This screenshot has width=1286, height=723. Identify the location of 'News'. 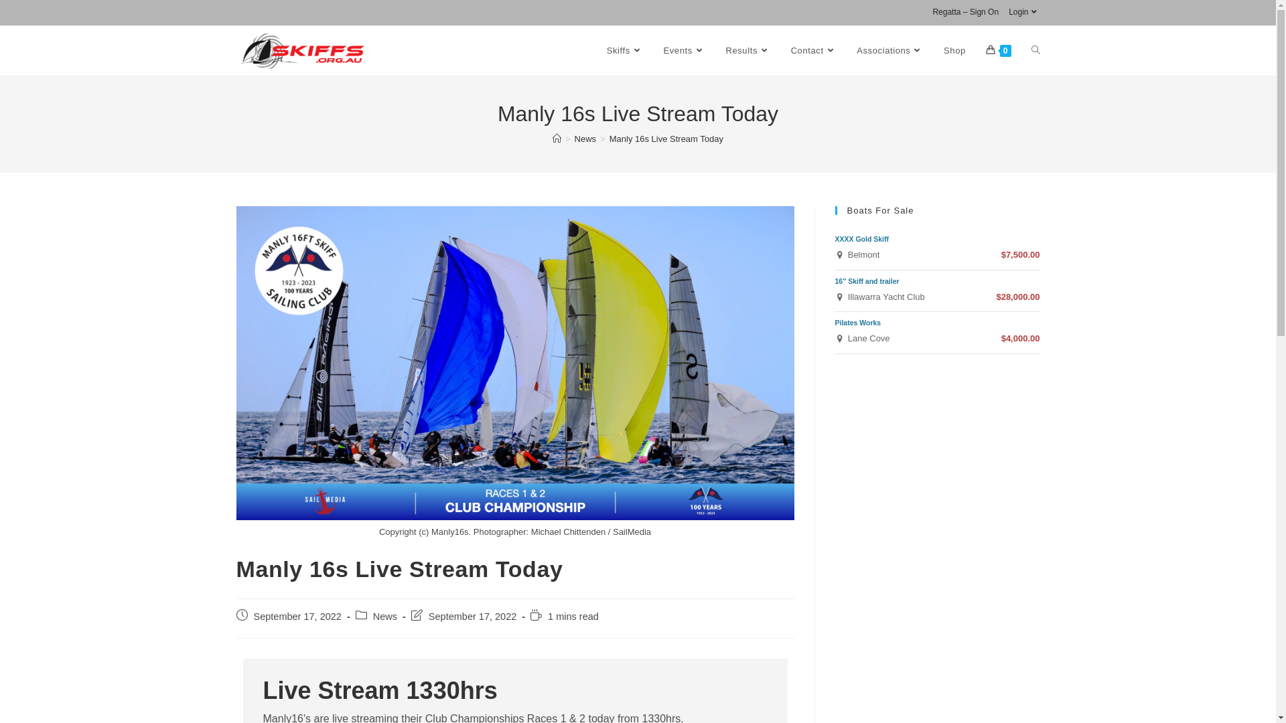
(585, 139).